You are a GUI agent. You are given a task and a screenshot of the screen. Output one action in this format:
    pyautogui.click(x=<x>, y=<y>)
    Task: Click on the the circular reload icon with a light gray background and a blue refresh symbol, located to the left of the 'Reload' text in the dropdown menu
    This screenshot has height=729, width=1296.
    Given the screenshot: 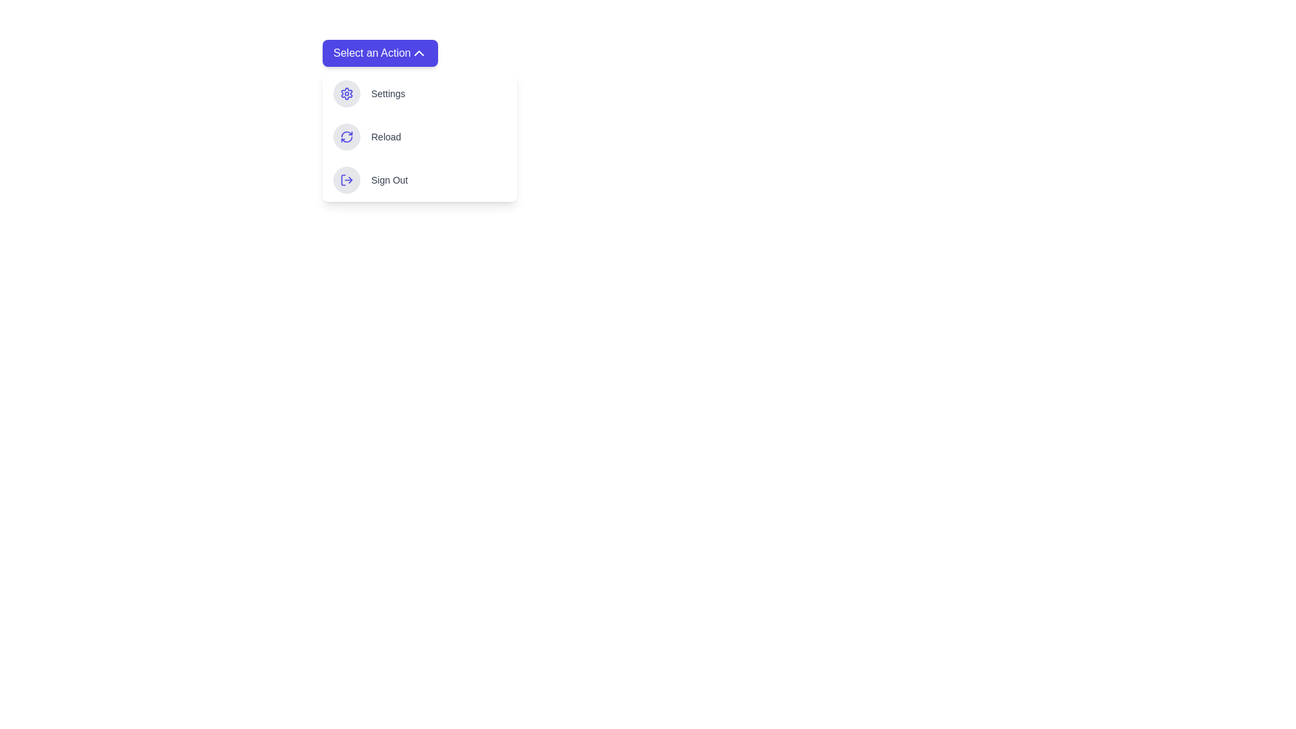 What is the action you would take?
    pyautogui.click(x=346, y=137)
    